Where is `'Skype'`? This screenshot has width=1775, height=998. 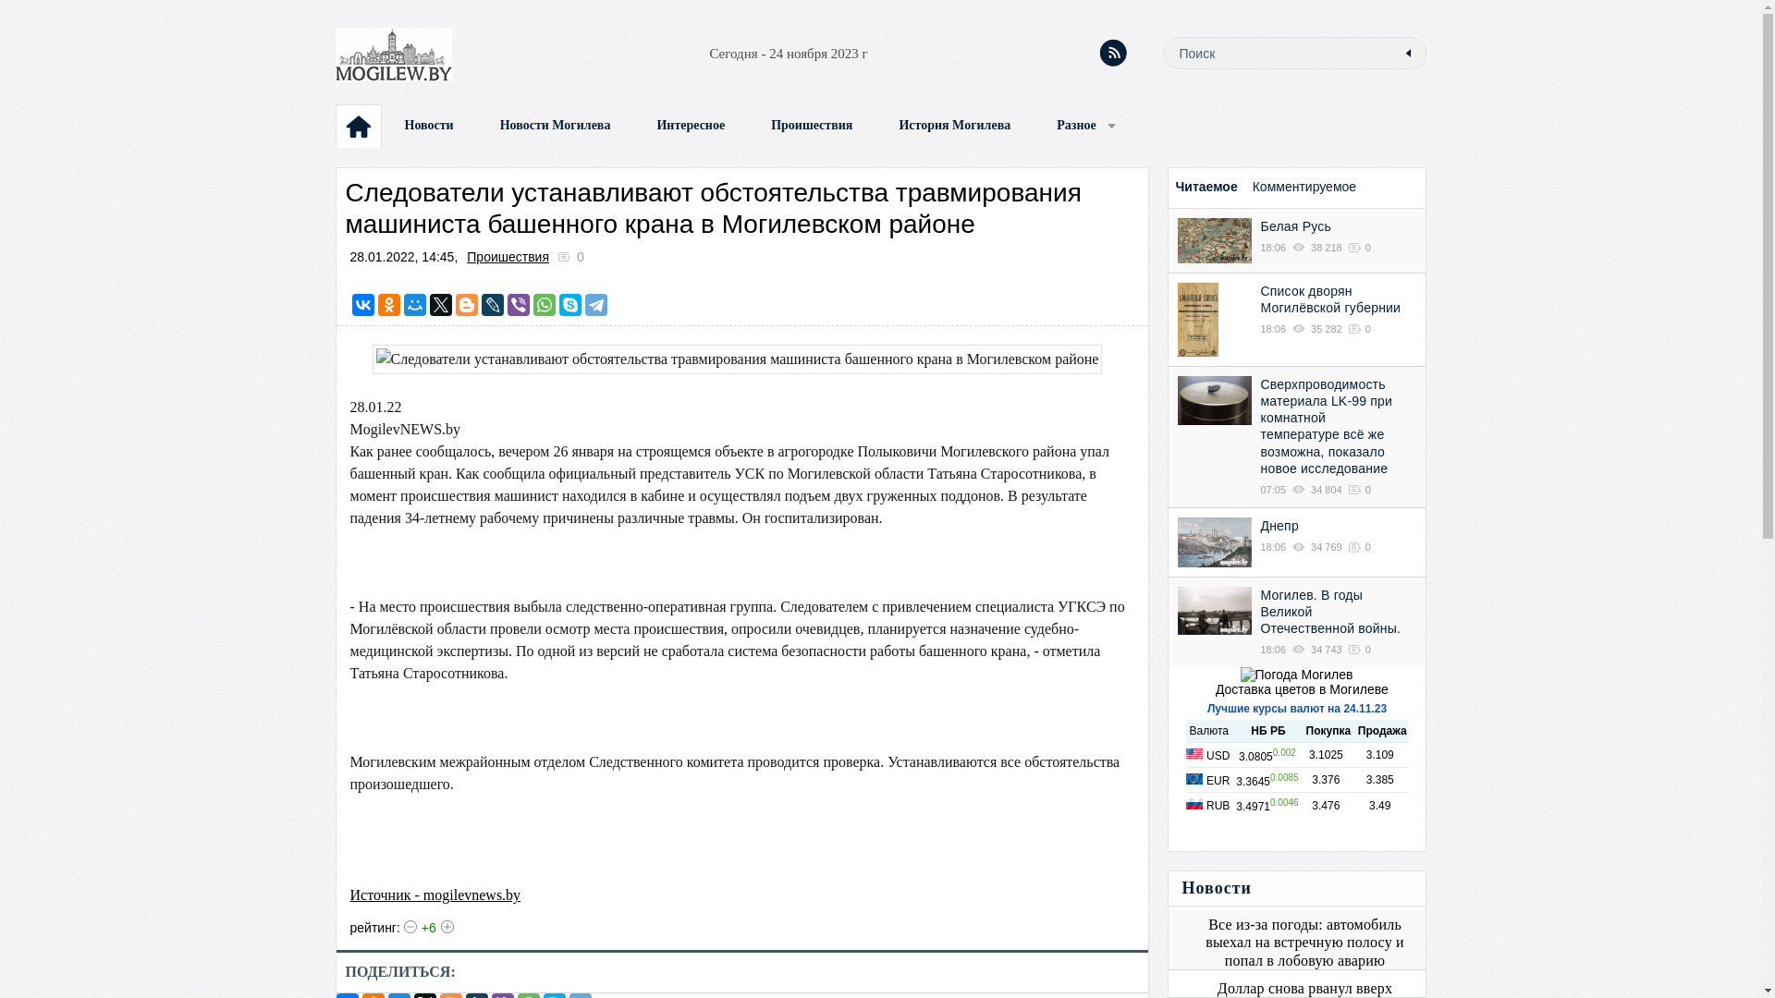 'Skype' is located at coordinates (569, 304).